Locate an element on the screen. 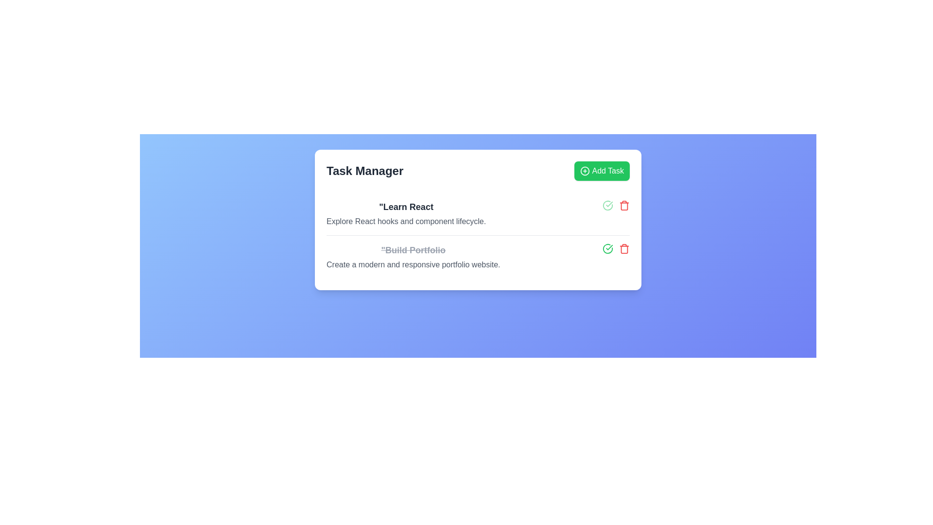  the text label styled with a strikethrough effect on 'Build Portfolio' in the 'Task Manager' card is located at coordinates (413, 250).